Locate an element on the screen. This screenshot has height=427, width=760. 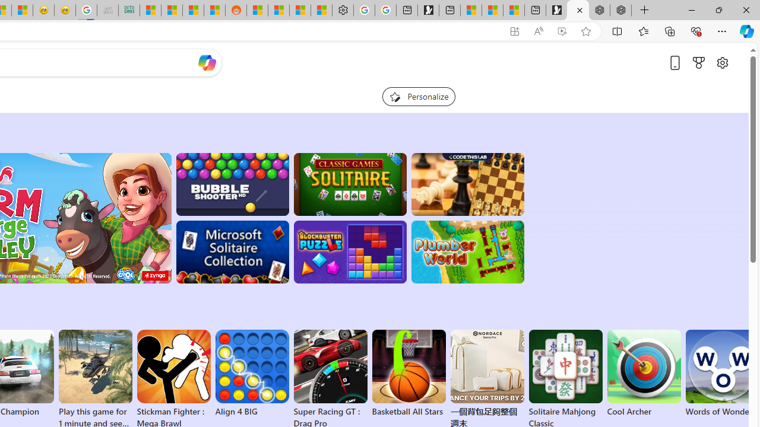
'MSNBC - MSN' is located at coordinates (150, 10).